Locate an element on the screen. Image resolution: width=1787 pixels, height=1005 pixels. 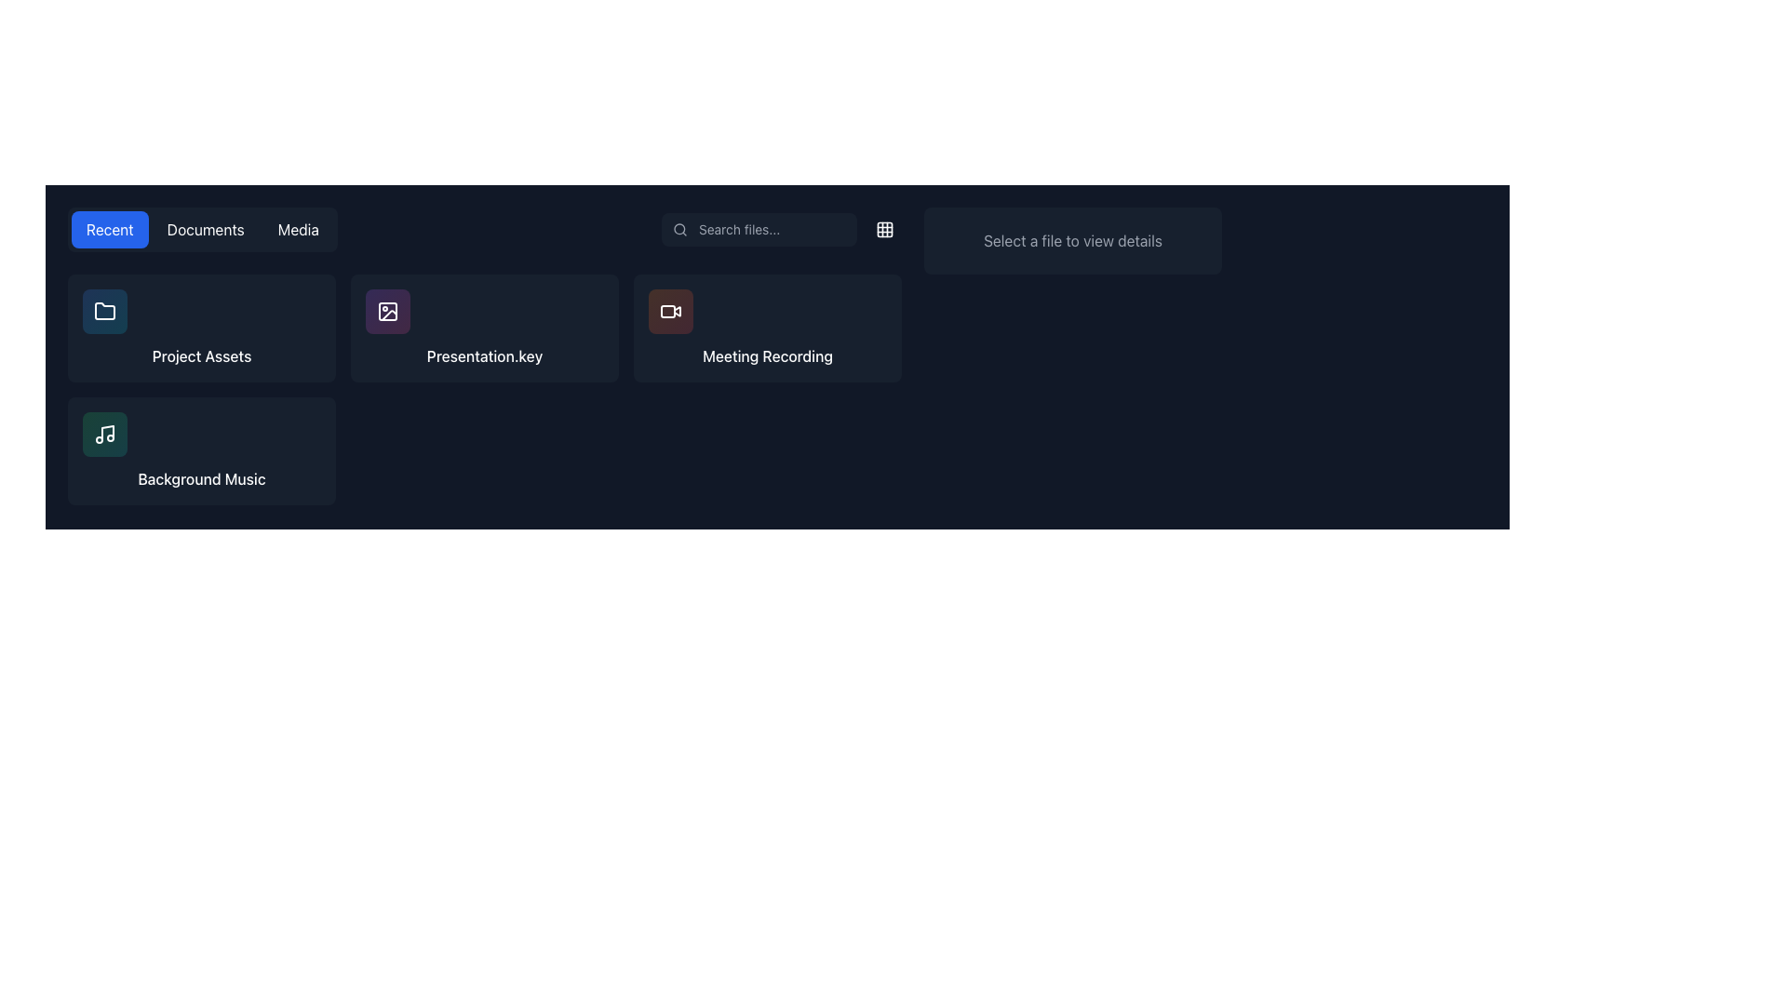
the informational panel with a dark semi-transparent background and centered white text saying 'Select a file is located at coordinates (1072, 239).